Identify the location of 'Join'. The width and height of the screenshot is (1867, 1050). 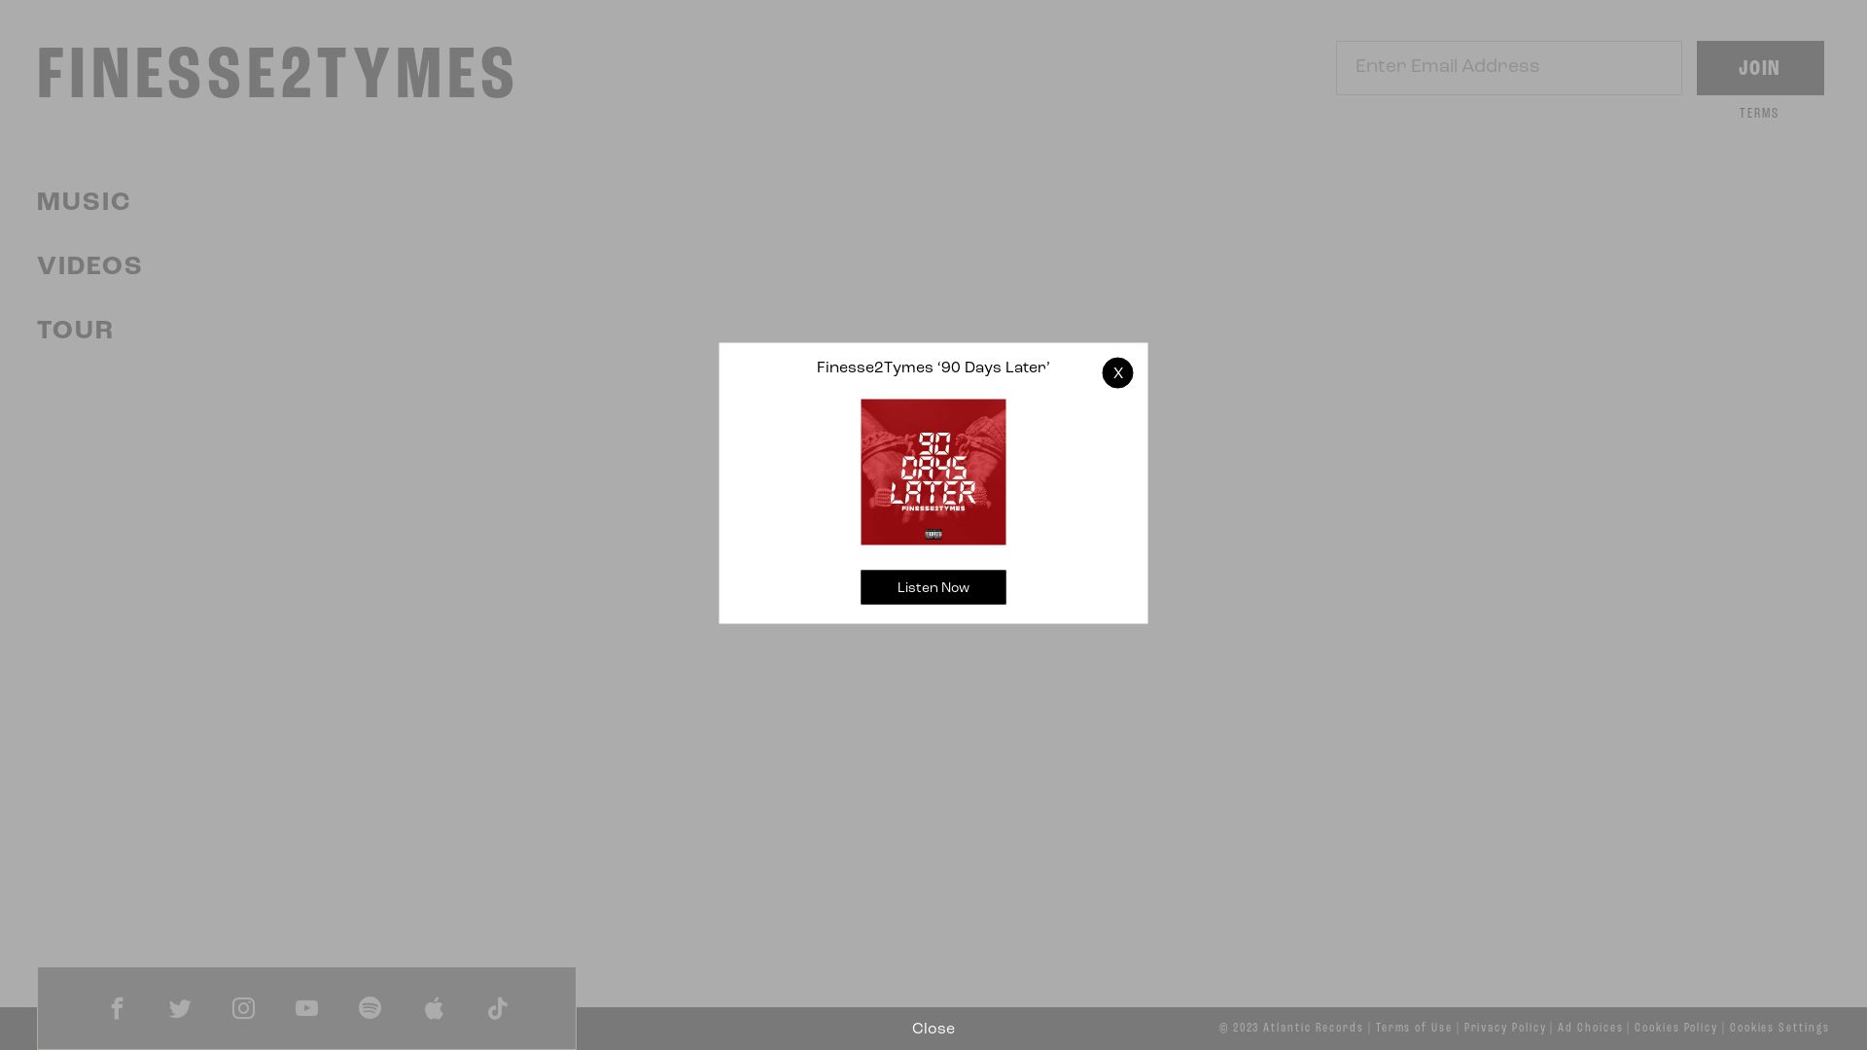
(1694, 66).